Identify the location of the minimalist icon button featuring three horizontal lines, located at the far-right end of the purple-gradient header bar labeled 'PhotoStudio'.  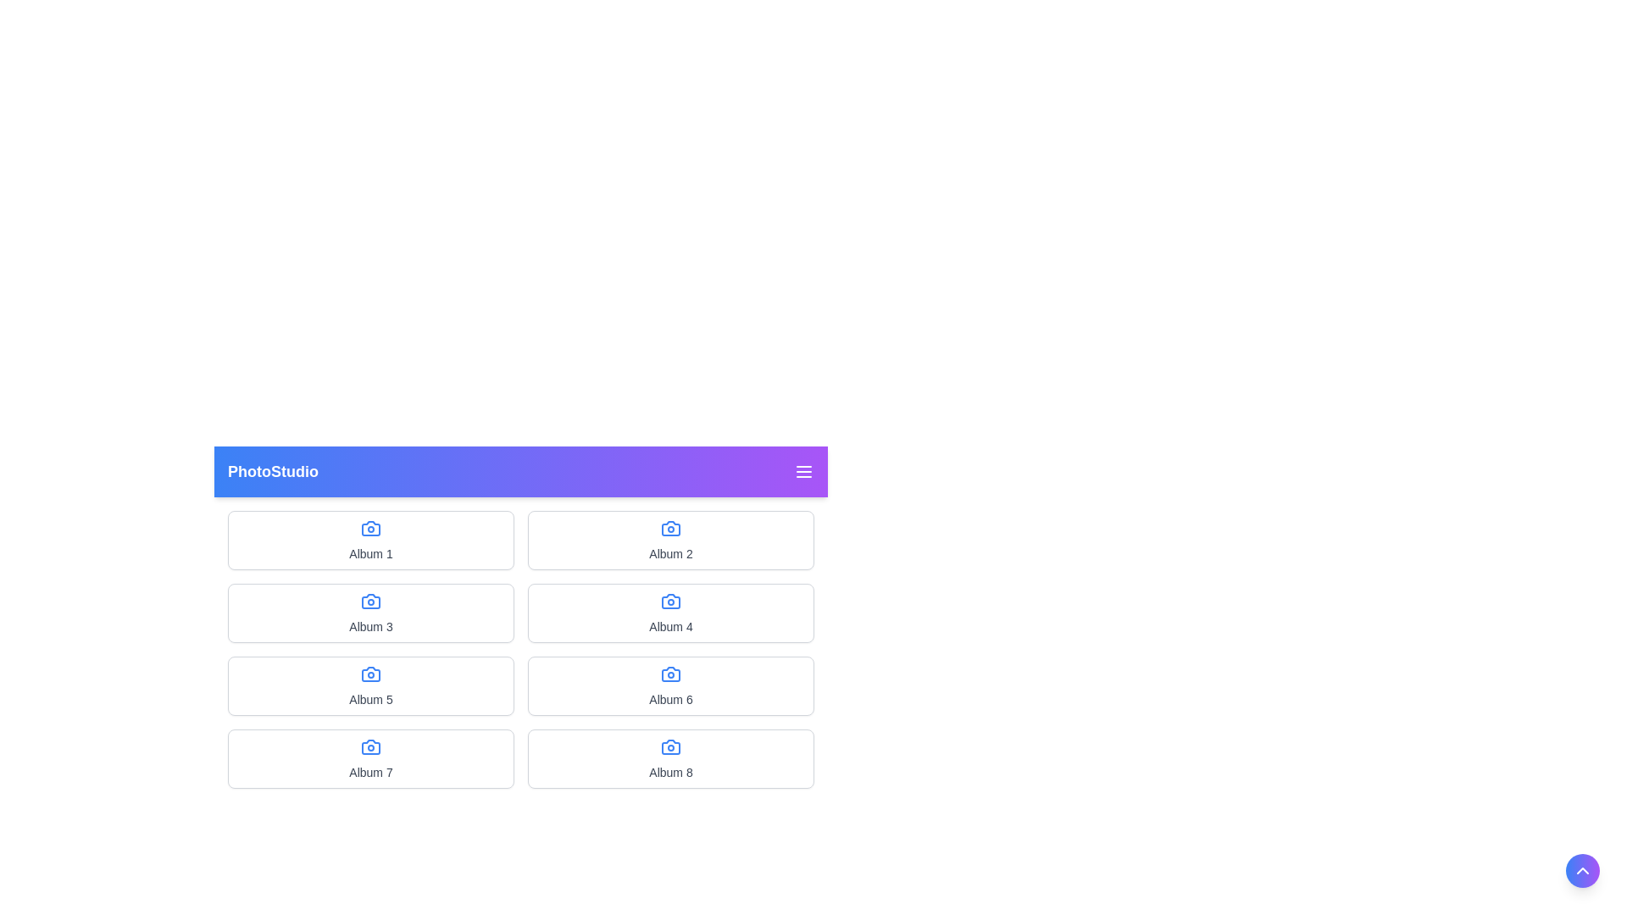
(803, 471).